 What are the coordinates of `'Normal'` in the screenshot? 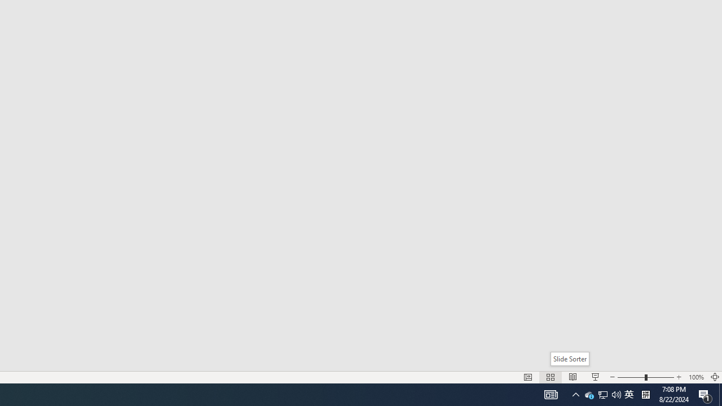 It's located at (527, 377).